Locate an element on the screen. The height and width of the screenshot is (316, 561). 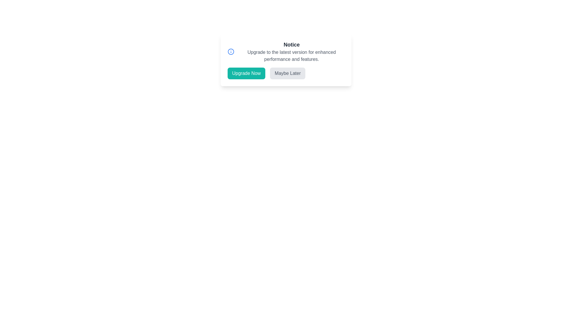
the multiline paragraph of gray text that advises to 'Upgrade to the latest version for enhanced performance and features', located below the title 'Notice' and above the buttons 'Upgrade Now' and 'Maybe Later' is located at coordinates (292, 56).